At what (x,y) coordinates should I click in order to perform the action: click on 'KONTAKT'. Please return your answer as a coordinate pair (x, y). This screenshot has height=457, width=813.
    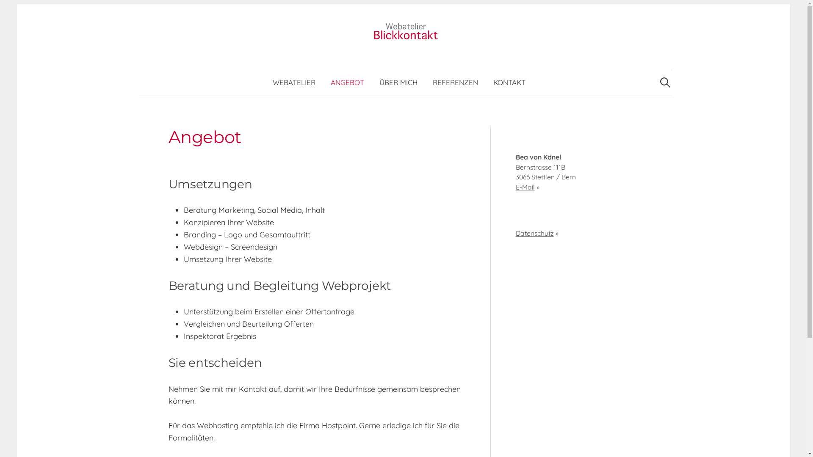
    Looking at the image, I should click on (509, 83).